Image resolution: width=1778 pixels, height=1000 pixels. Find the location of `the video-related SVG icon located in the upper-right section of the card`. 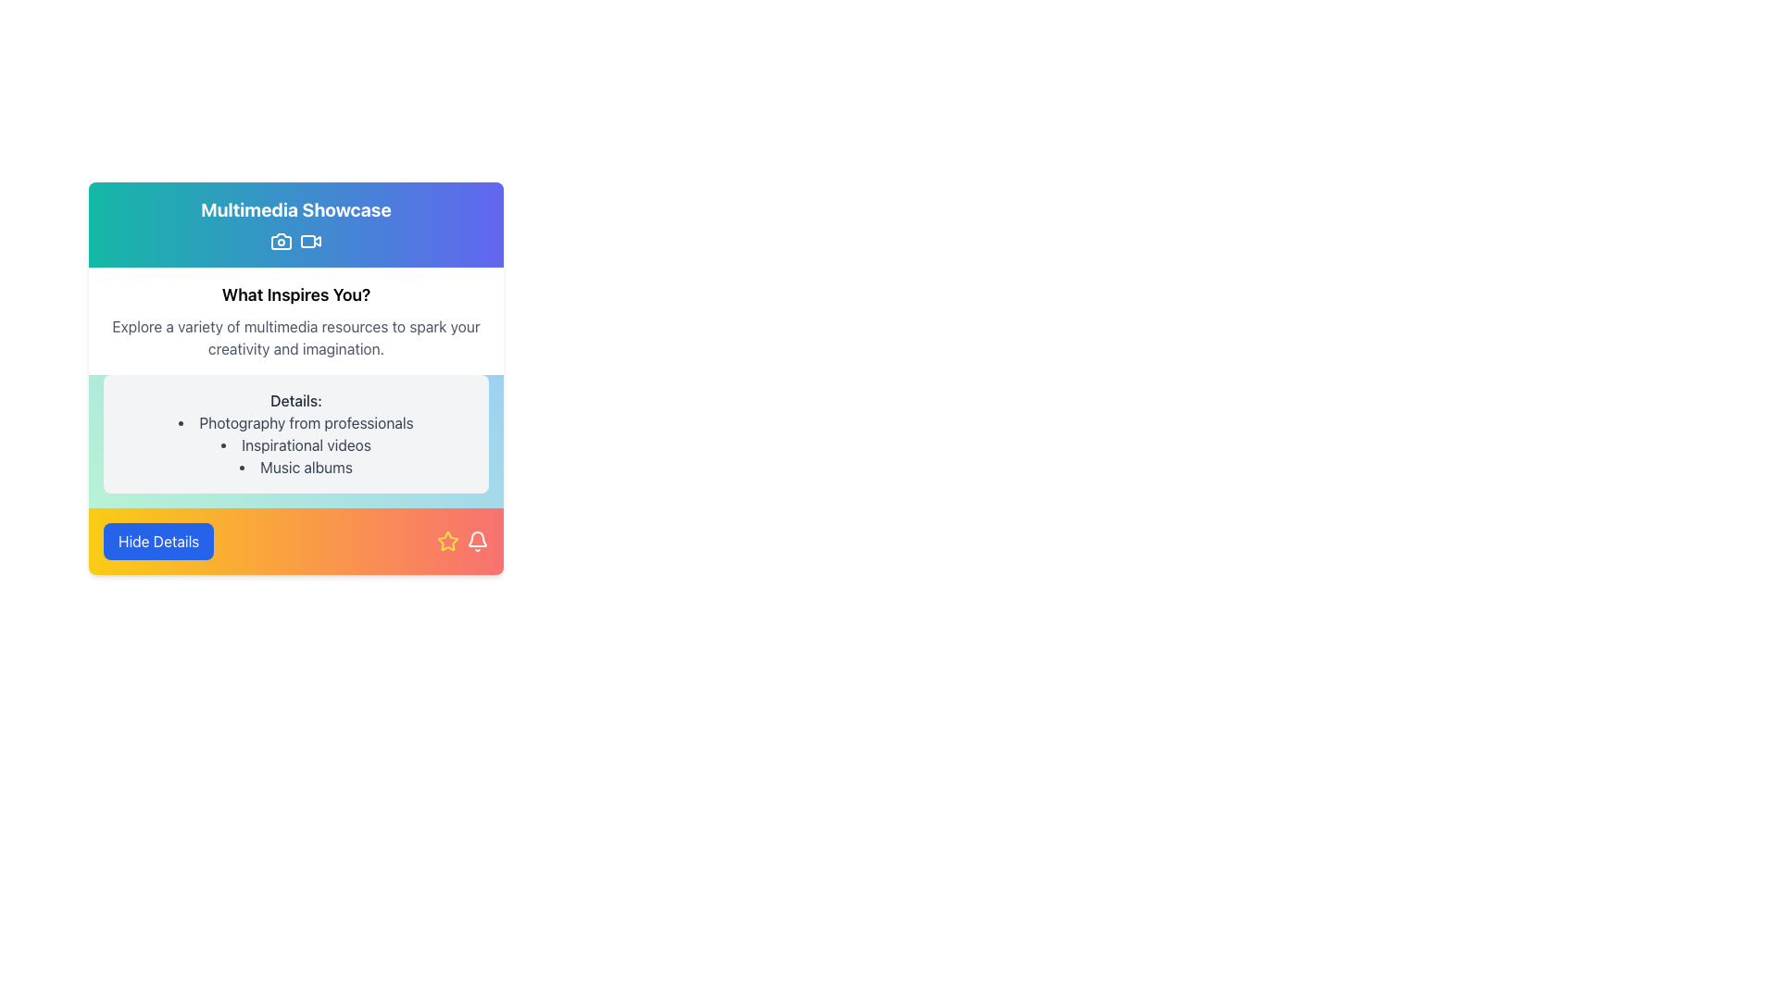

the video-related SVG icon located in the upper-right section of the card is located at coordinates (307, 241).